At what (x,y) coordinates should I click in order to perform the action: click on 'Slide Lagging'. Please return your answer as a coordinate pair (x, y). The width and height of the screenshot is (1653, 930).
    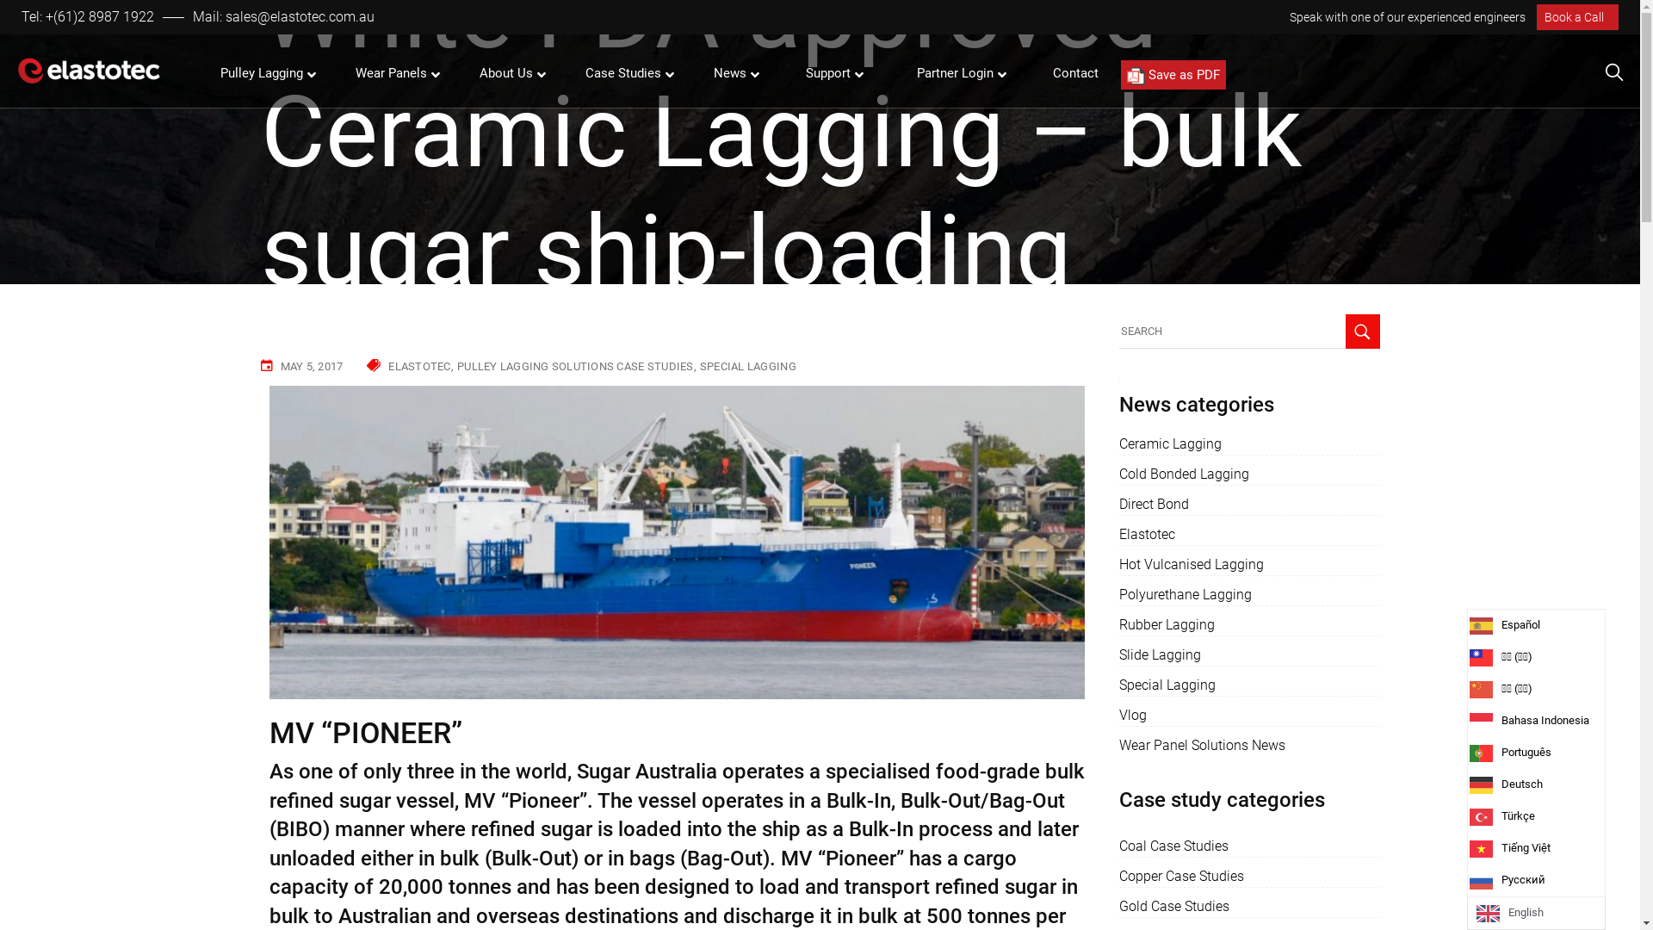
    Looking at the image, I should click on (1160, 654).